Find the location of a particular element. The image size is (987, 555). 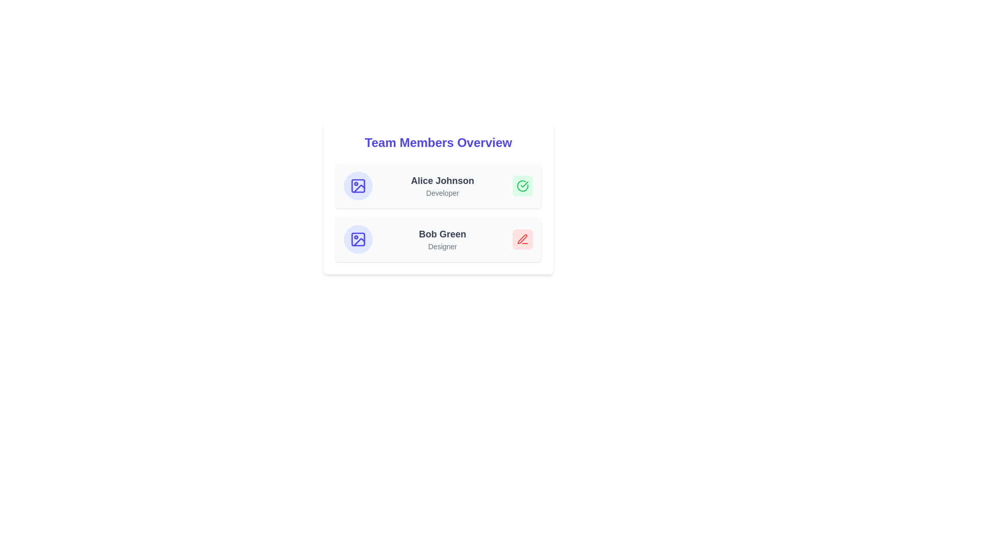

the name of a team member to view additional details is located at coordinates (442, 180).